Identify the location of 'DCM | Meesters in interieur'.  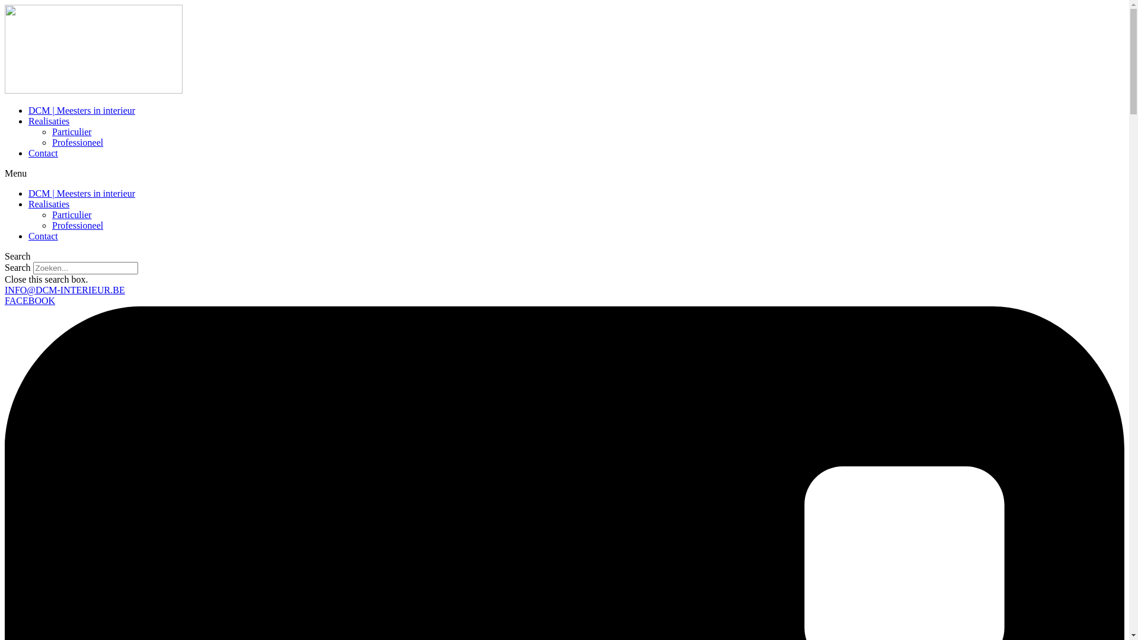
(28, 110).